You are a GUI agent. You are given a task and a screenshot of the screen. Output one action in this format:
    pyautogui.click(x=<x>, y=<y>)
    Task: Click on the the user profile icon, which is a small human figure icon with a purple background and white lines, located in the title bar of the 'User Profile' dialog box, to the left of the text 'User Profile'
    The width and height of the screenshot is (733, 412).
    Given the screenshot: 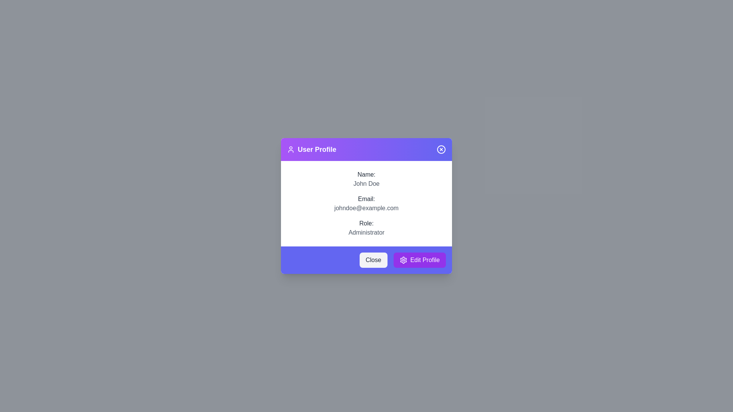 What is the action you would take?
    pyautogui.click(x=291, y=150)
    